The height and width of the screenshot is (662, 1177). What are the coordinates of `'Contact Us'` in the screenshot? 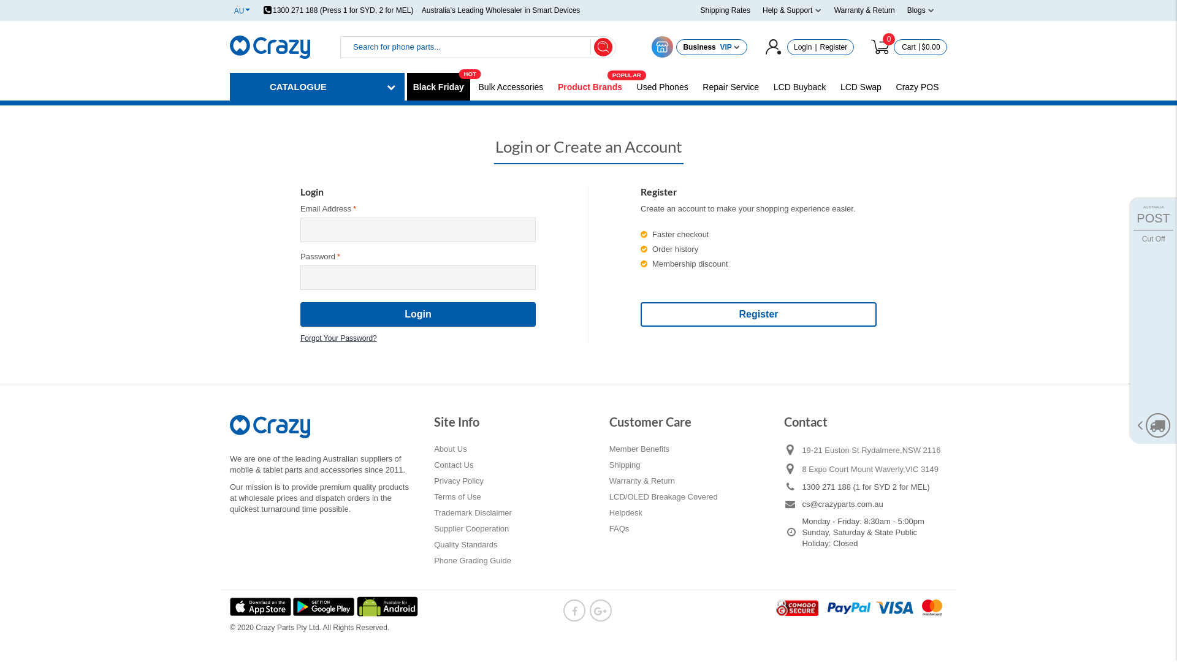 It's located at (452, 465).